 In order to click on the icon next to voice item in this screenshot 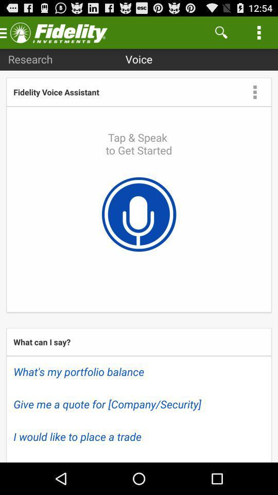, I will do `click(220, 32)`.